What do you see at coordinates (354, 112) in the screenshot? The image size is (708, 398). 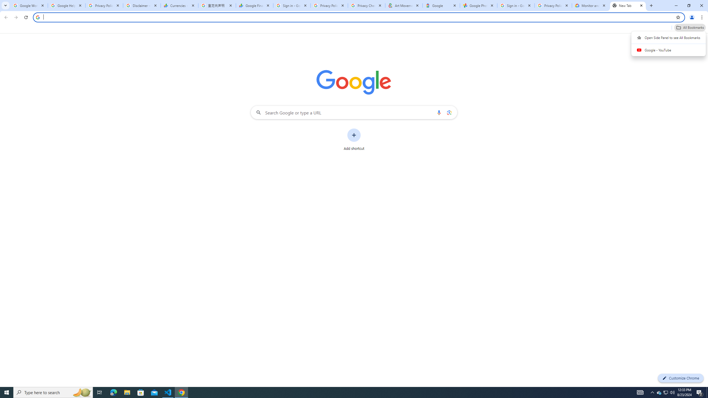 I see `'Search Google or type a URL'` at bounding box center [354, 112].